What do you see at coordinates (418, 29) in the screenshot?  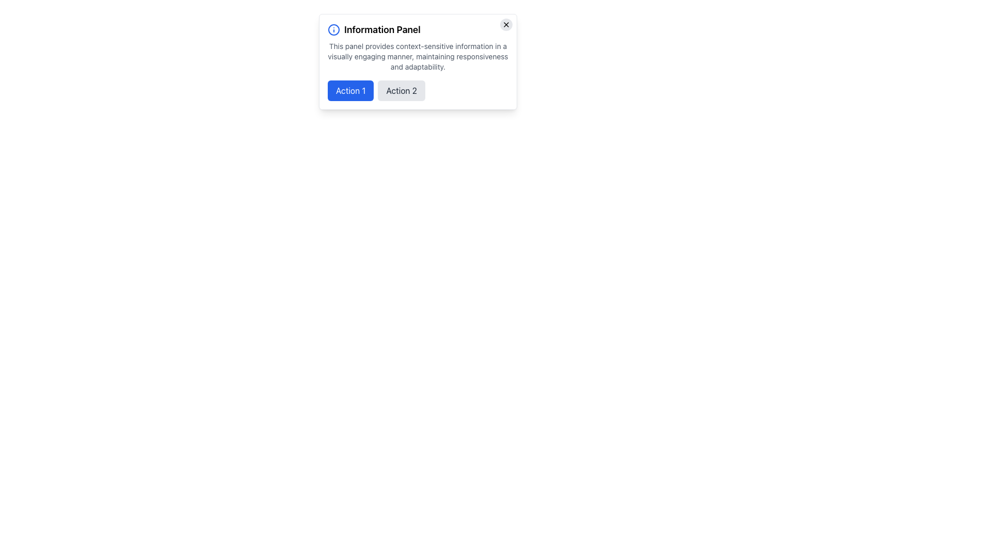 I see `the Label located at the top-center of the panel, which provides a title for the panel's content, positioned below the close button marked by an 'X' icon` at bounding box center [418, 29].